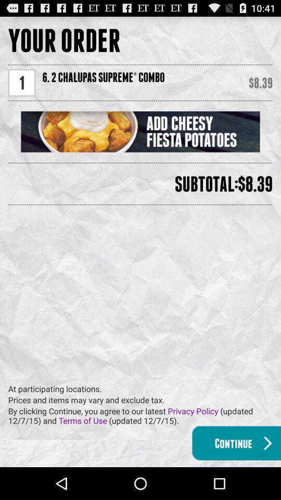  I want to click on icon below the prices and items app, so click(144, 416).